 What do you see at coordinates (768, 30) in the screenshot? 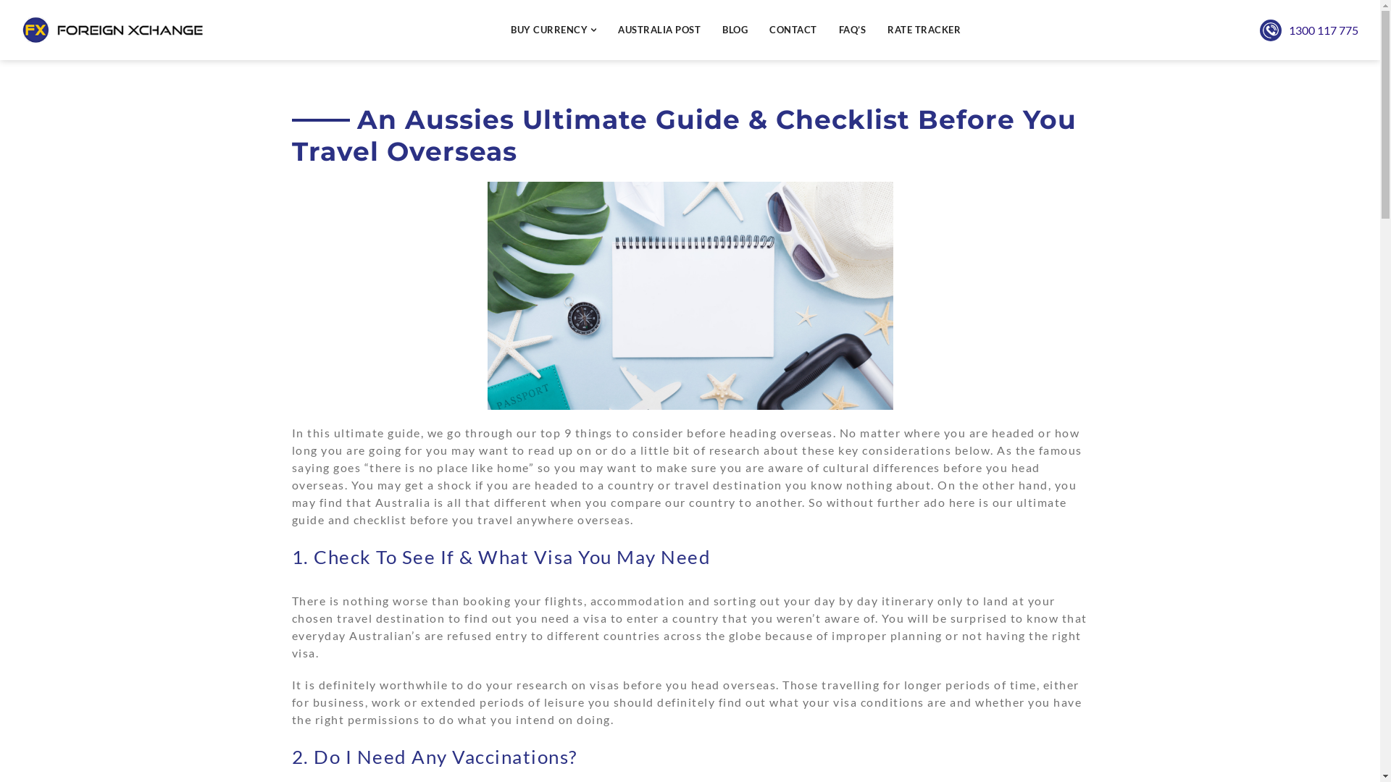
I see `'CONTACT'` at bounding box center [768, 30].